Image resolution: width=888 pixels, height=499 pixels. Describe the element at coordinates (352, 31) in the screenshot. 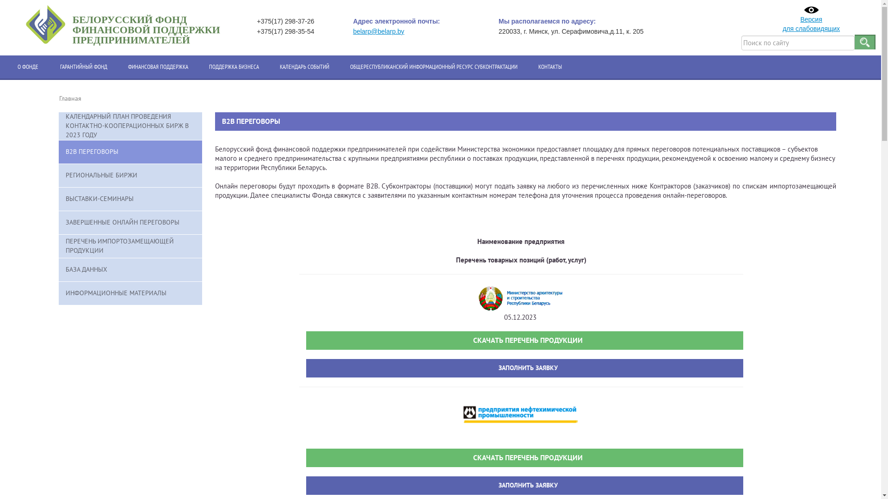

I see `'belarp@belarp.by'` at that location.